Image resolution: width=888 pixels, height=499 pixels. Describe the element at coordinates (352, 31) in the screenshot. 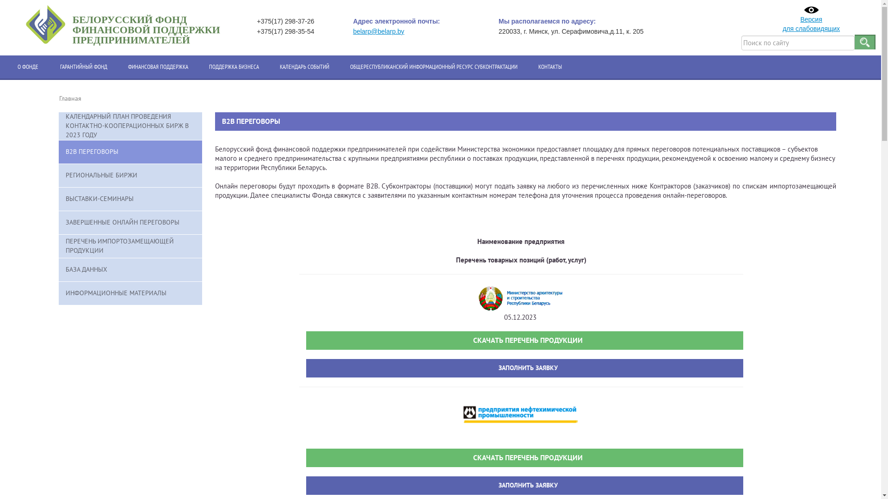

I see `'belarp@belarp.by'` at that location.